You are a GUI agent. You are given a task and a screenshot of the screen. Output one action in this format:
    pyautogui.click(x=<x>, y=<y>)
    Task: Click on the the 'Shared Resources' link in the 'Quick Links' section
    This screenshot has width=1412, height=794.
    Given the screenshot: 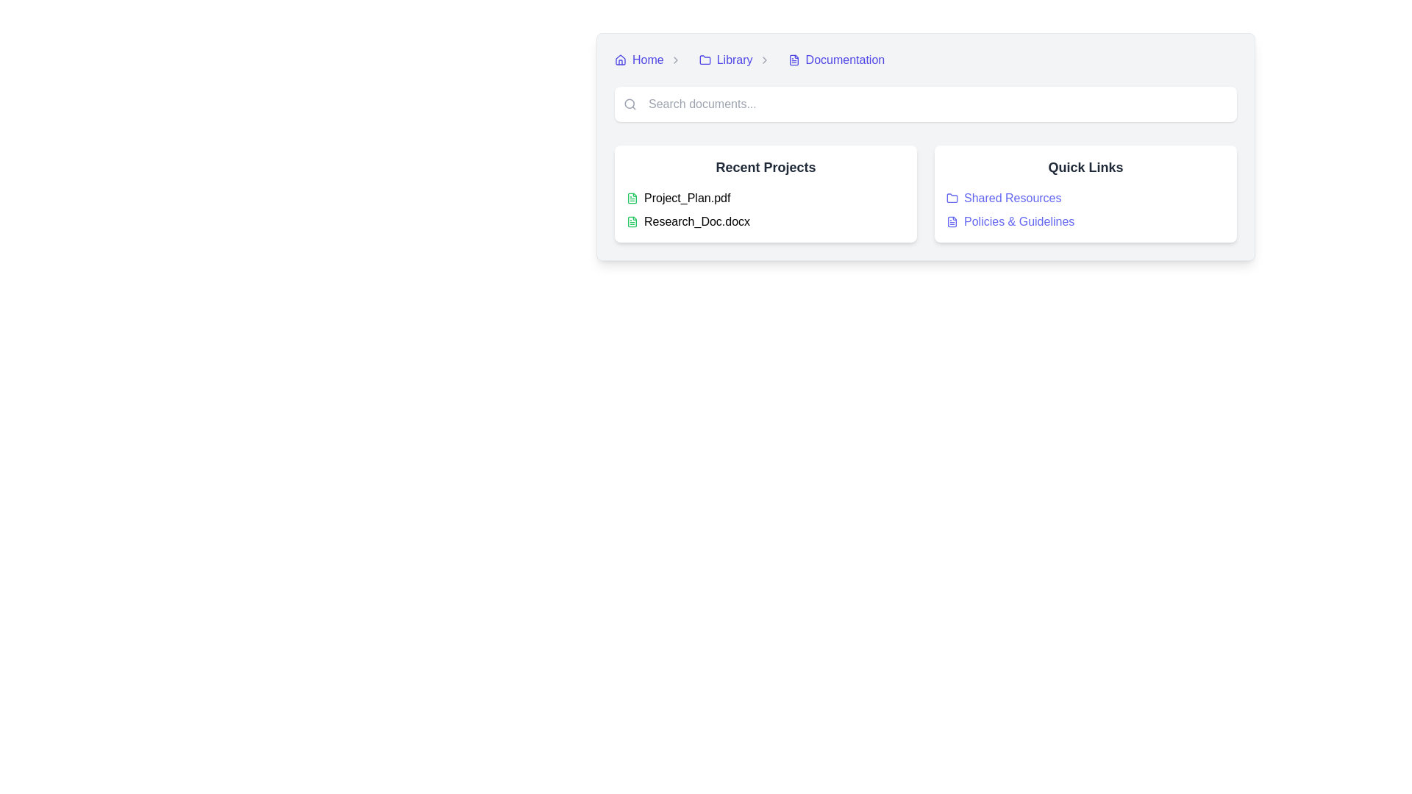 What is the action you would take?
    pyautogui.click(x=1085, y=198)
    